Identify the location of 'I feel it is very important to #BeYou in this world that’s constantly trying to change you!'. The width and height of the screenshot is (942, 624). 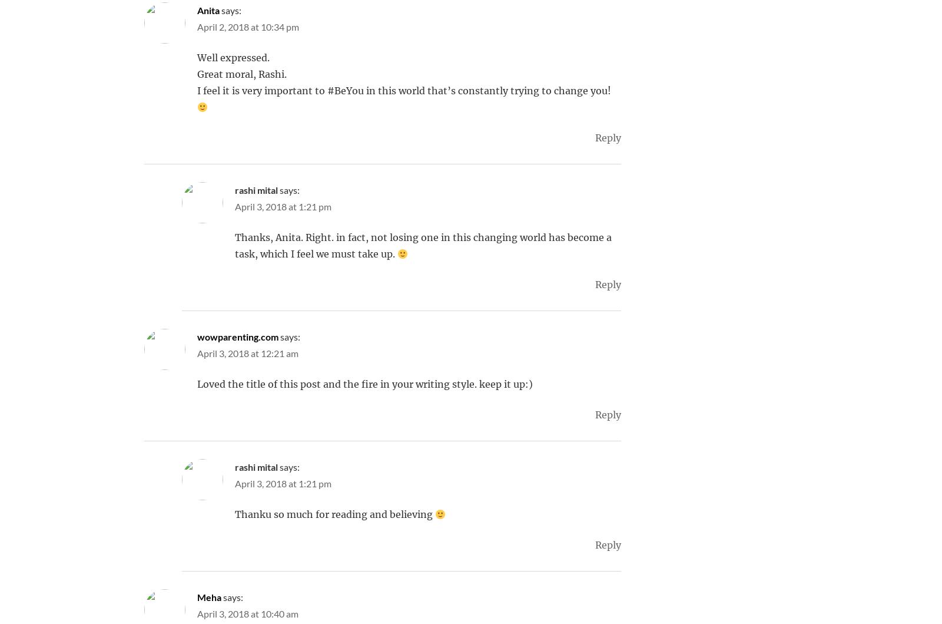
(404, 90).